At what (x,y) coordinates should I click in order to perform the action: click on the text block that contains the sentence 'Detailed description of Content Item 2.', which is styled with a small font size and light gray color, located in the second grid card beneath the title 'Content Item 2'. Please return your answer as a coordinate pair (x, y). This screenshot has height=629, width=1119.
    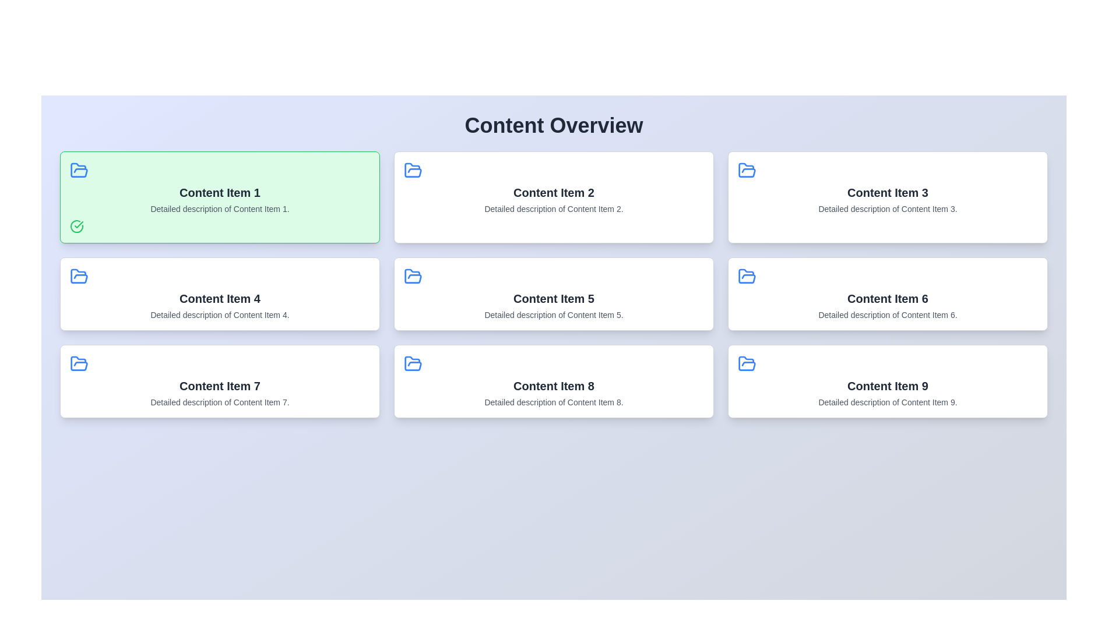
    Looking at the image, I should click on (553, 208).